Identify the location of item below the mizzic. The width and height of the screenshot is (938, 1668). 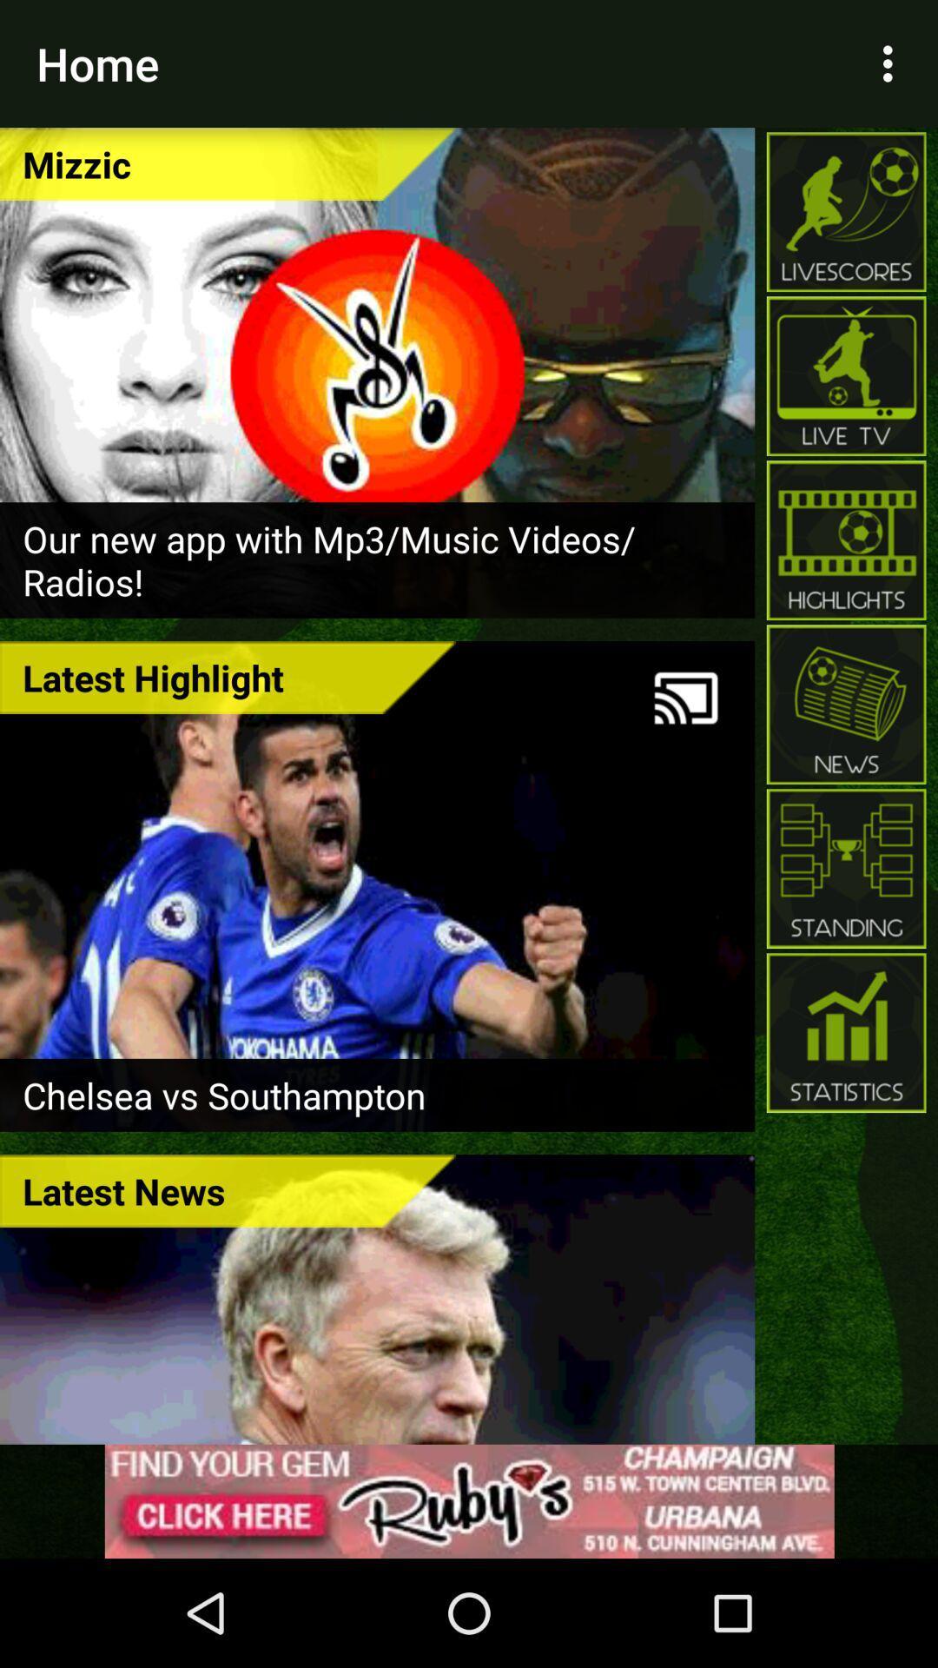
(376, 559).